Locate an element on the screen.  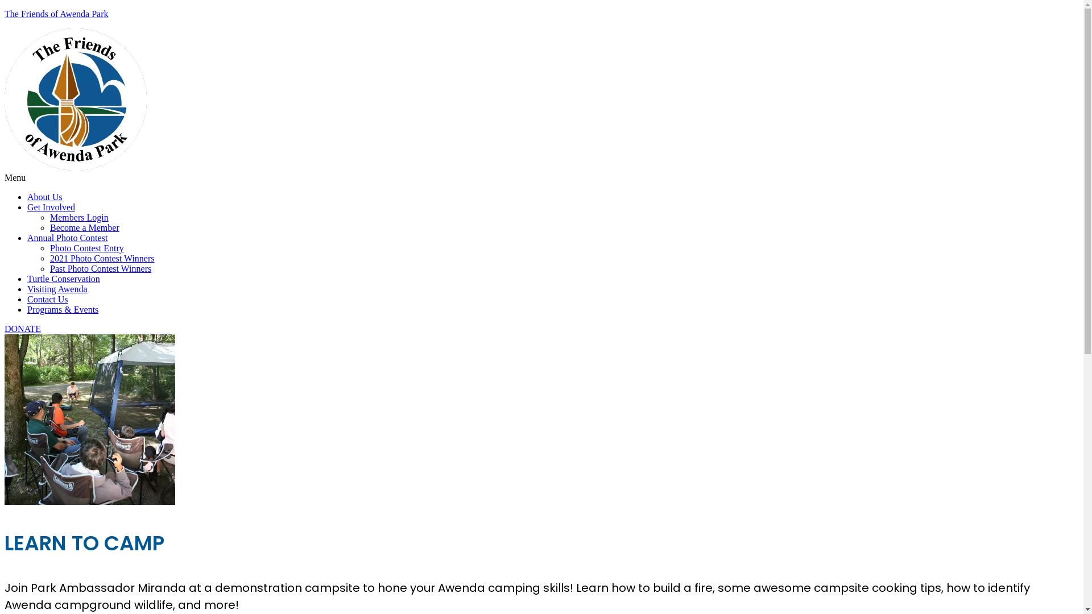
'Get Involved' is located at coordinates (51, 207).